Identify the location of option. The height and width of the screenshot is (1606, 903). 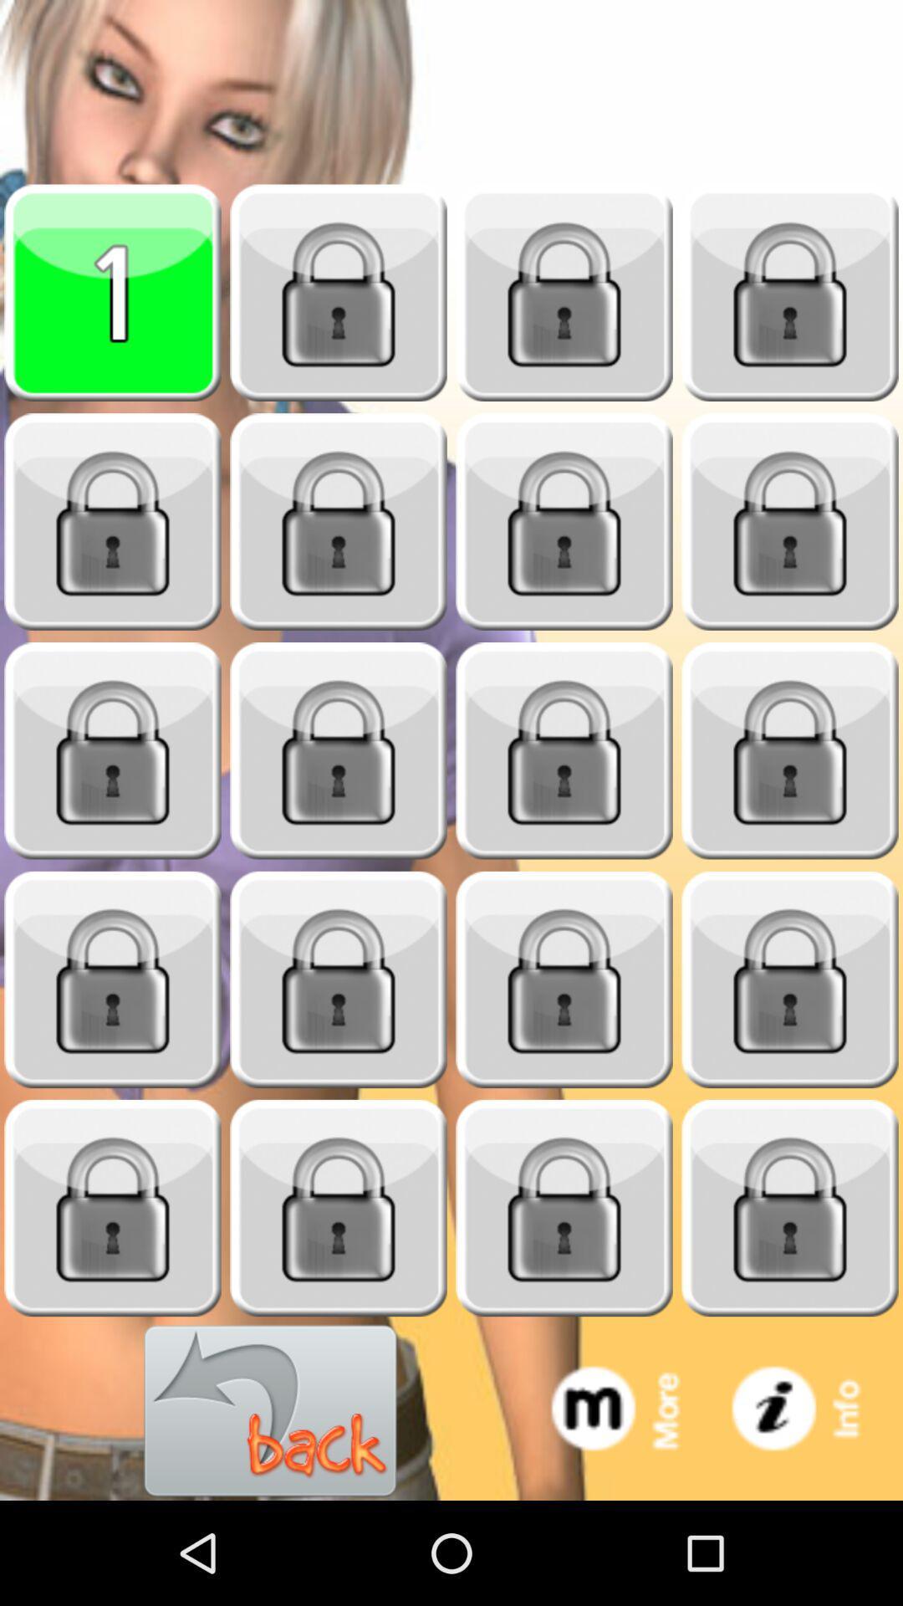
(113, 750).